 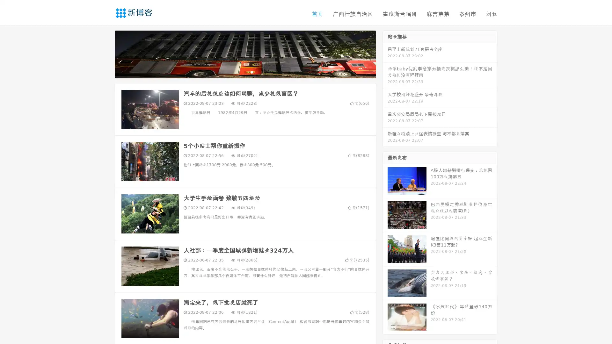 What do you see at coordinates (385, 54) in the screenshot?
I see `Next slide` at bounding box center [385, 54].